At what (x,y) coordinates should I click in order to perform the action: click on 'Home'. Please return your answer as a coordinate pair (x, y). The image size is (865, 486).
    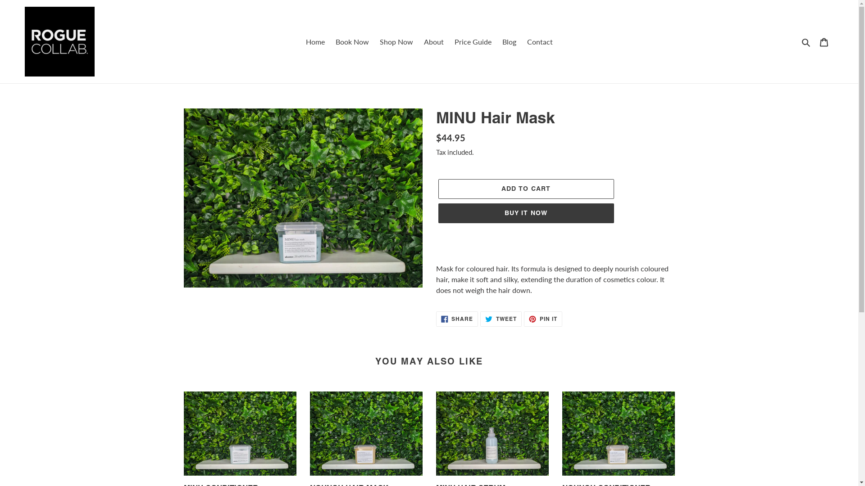
    Looking at the image, I should click on (300, 41).